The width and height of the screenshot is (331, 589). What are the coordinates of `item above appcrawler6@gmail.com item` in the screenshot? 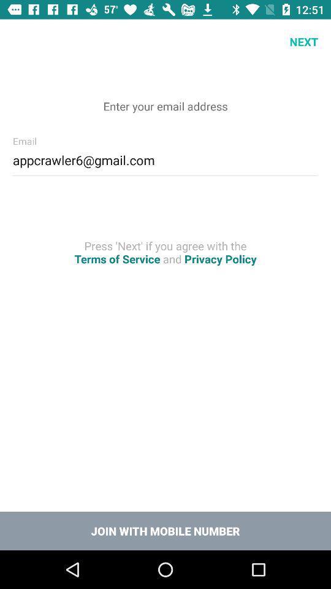 It's located at (22, 42).